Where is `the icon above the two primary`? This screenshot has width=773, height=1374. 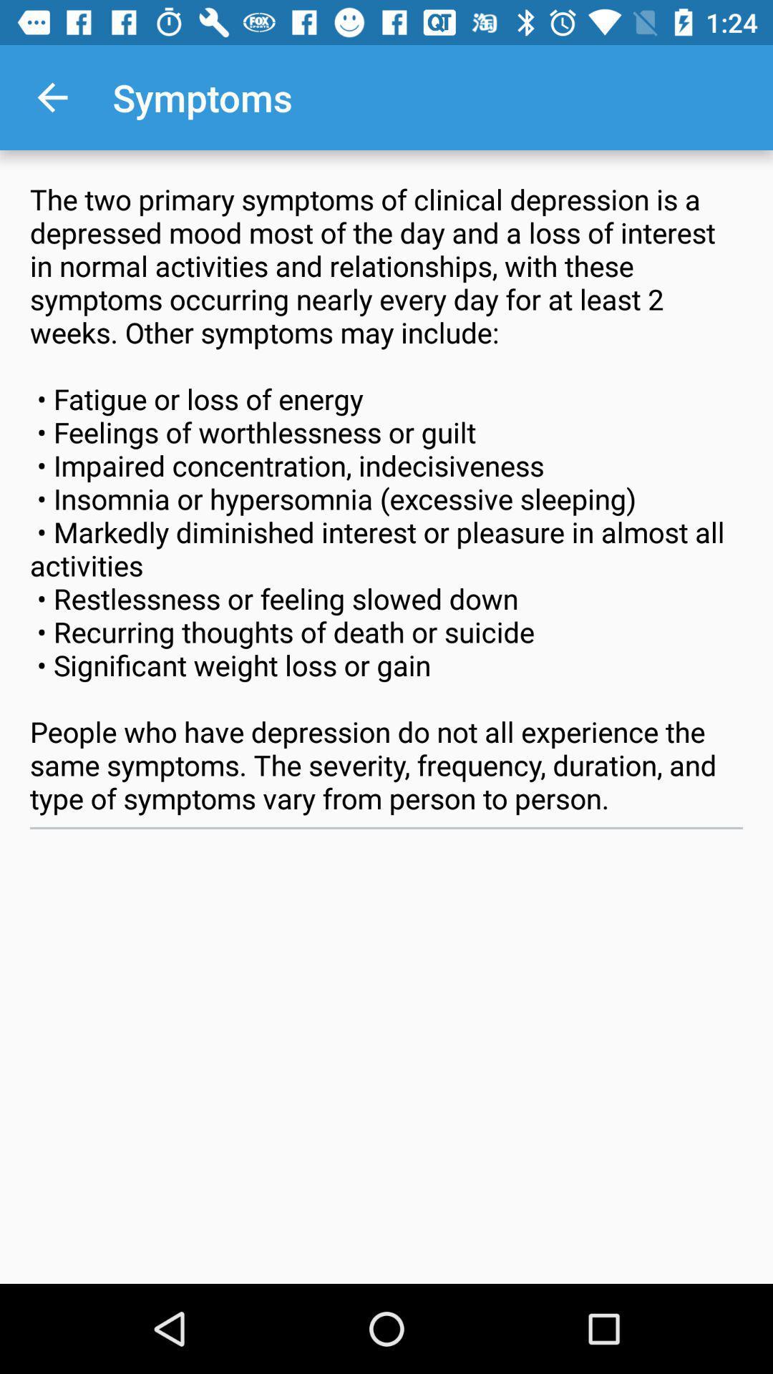 the icon above the two primary is located at coordinates (52, 97).